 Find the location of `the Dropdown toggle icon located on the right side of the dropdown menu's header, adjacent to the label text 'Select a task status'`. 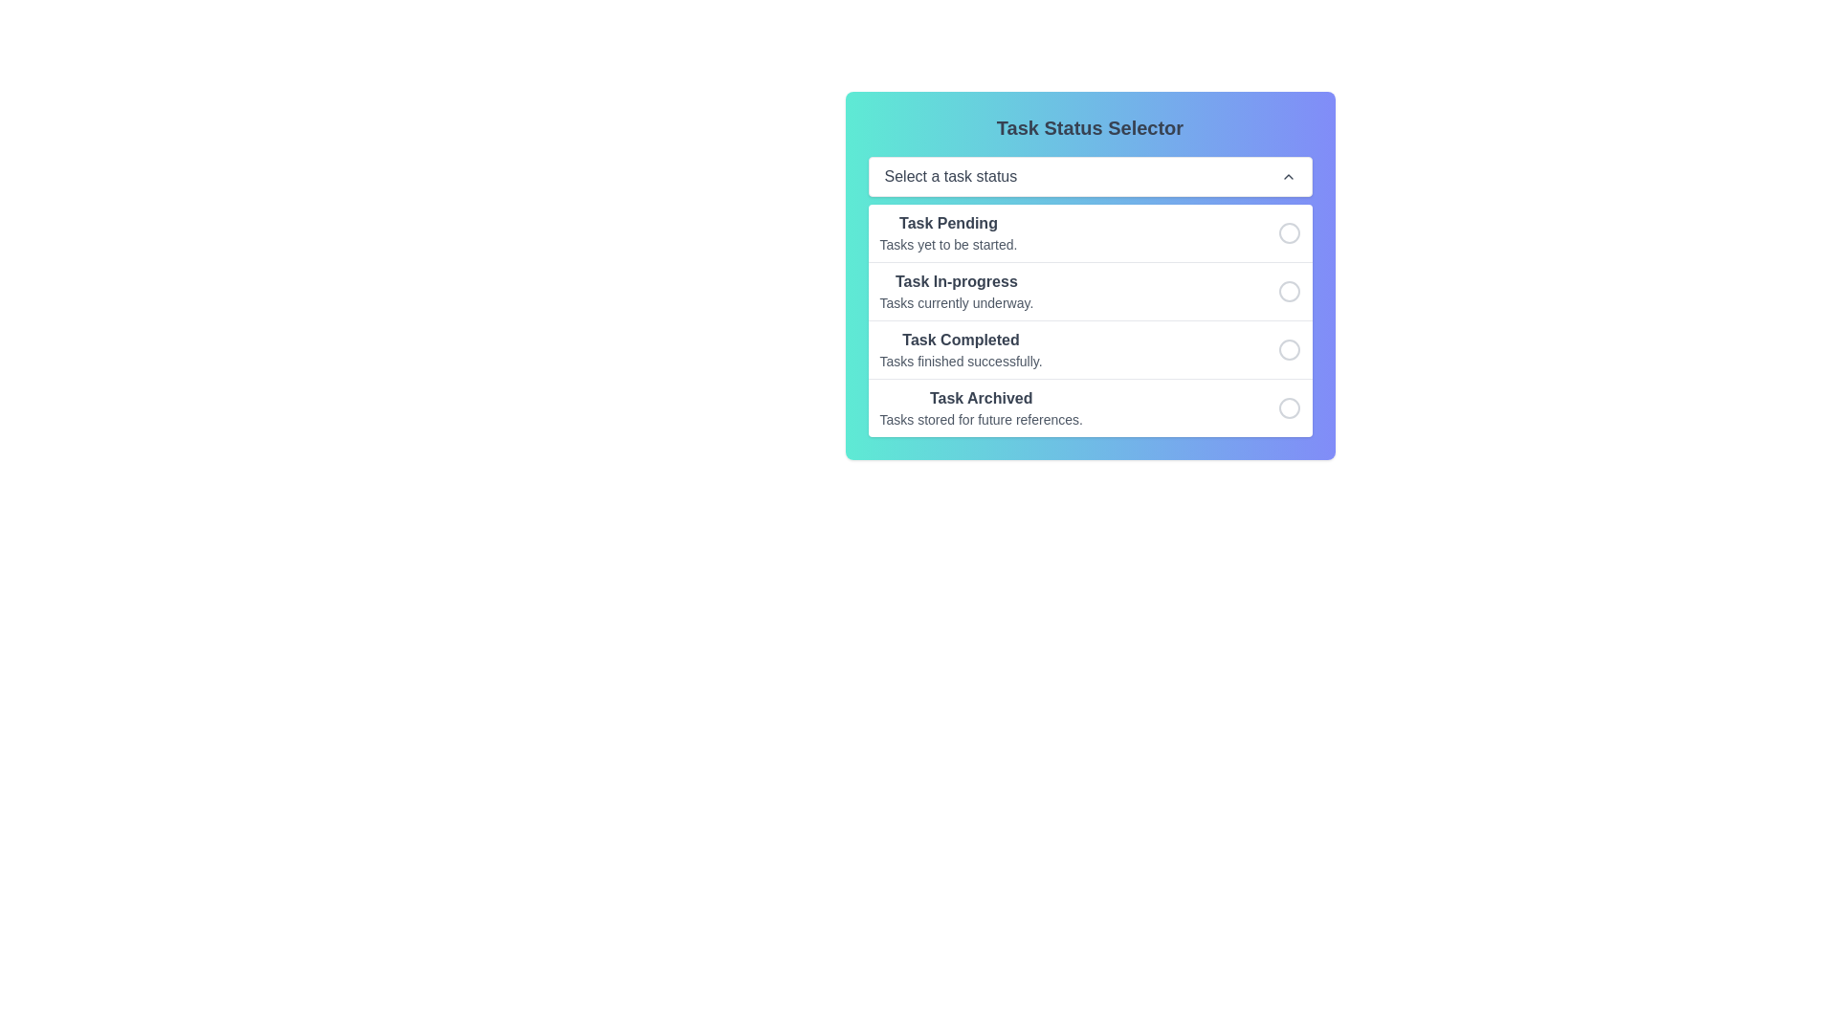

the Dropdown toggle icon located on the right side of the dropdown menu's header, adjacent to the label text 'Select a task status' is located at coordinates (1288, 177).